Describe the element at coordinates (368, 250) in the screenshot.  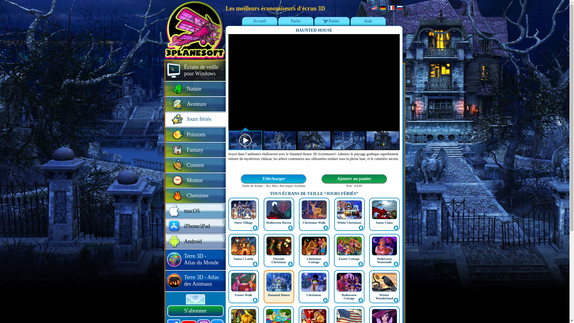
I see `'Halloween Watermill'` at that location.